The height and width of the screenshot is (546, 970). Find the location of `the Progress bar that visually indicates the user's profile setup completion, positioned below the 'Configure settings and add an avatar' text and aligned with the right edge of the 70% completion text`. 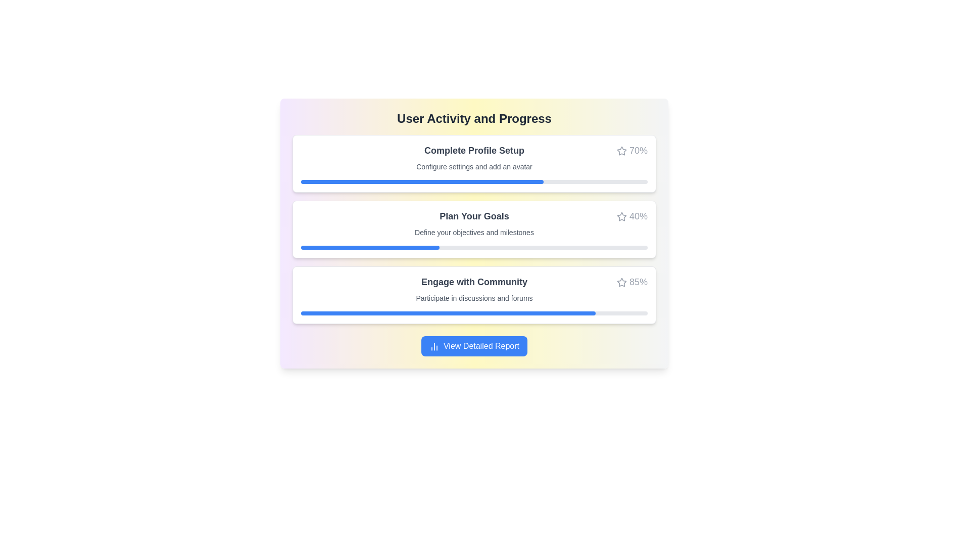

the Progress bar that visually indicates the user's profile setup completion, positioned below the 'Configure settings and add an avatar' text and aligned with the right edge of the 70% completion text is located at coordinates (474, 181).